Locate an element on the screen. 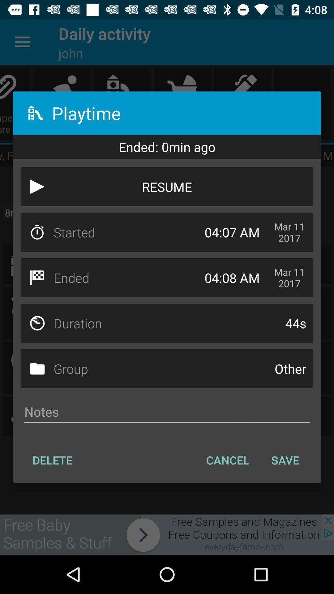 This screenshot has height=594, width=334. icon to the left of save item is located at coordinates (228, 460).